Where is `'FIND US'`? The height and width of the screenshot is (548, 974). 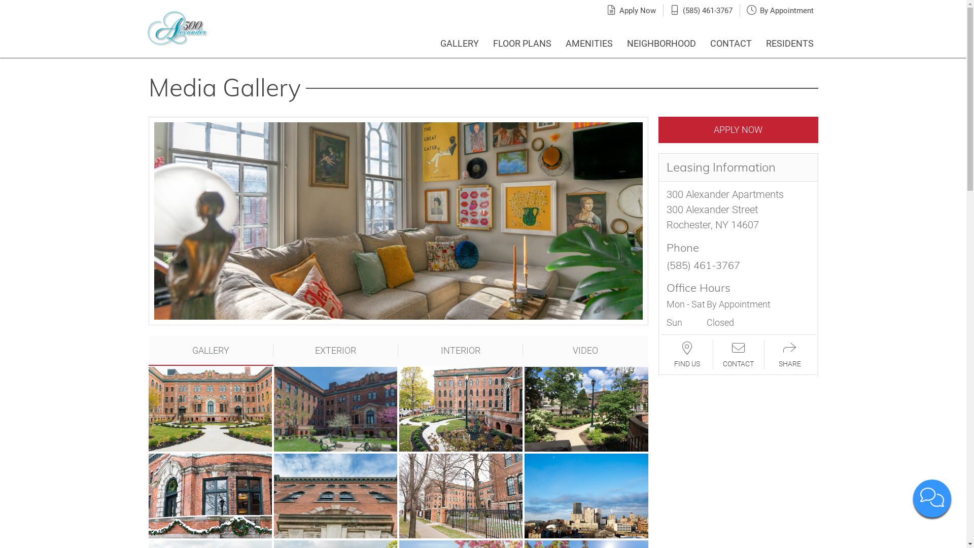 'FIND US' is located at coordinates (667, 354).